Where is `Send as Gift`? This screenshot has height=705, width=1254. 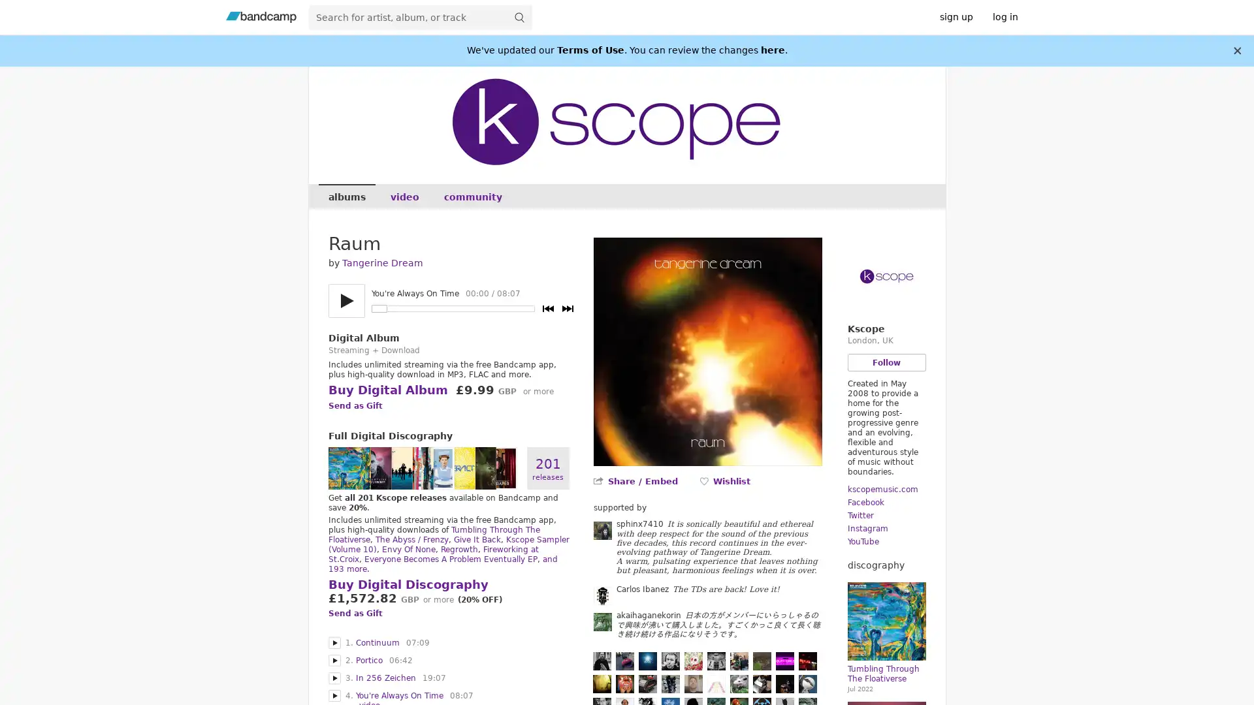
Send as Gift is located at coordinates (355, 406).